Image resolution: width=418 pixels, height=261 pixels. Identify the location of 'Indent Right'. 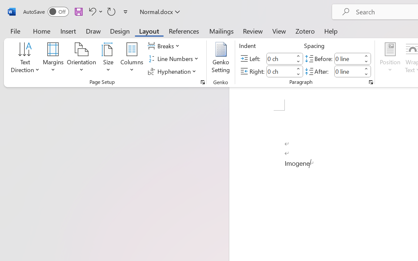
(280, 71).